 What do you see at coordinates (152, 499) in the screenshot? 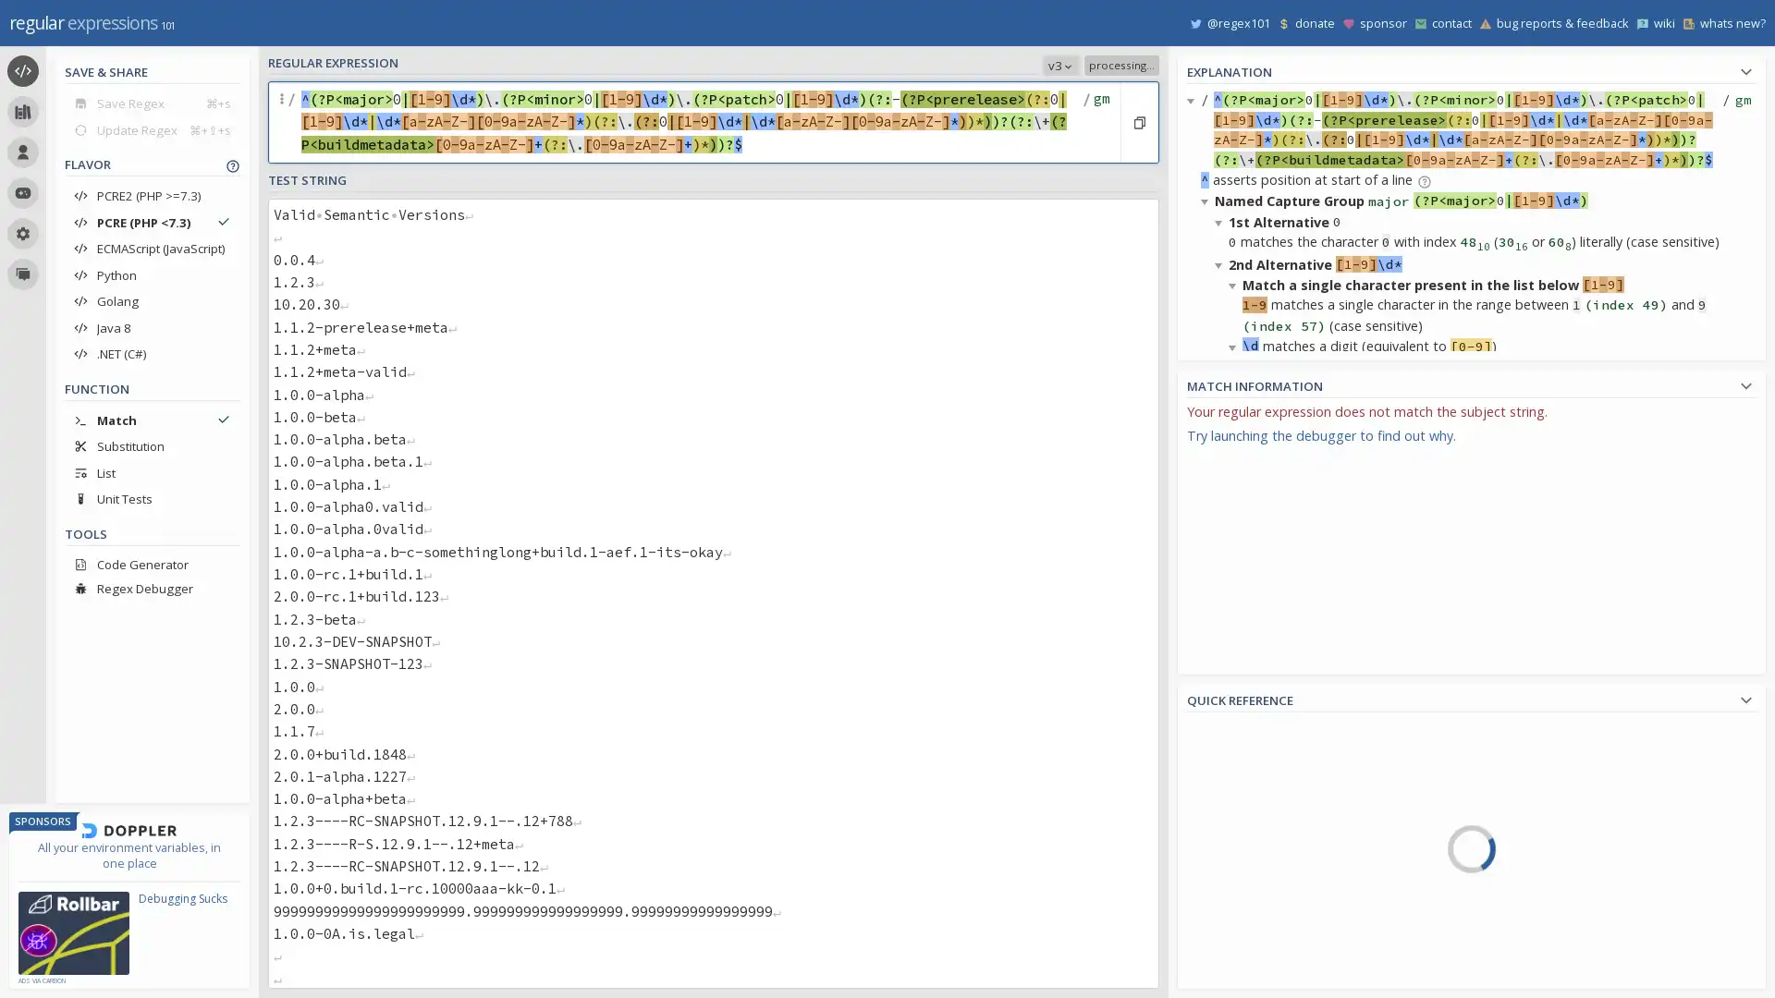
I see `Unit Tests` at bounding box center [152, 499].